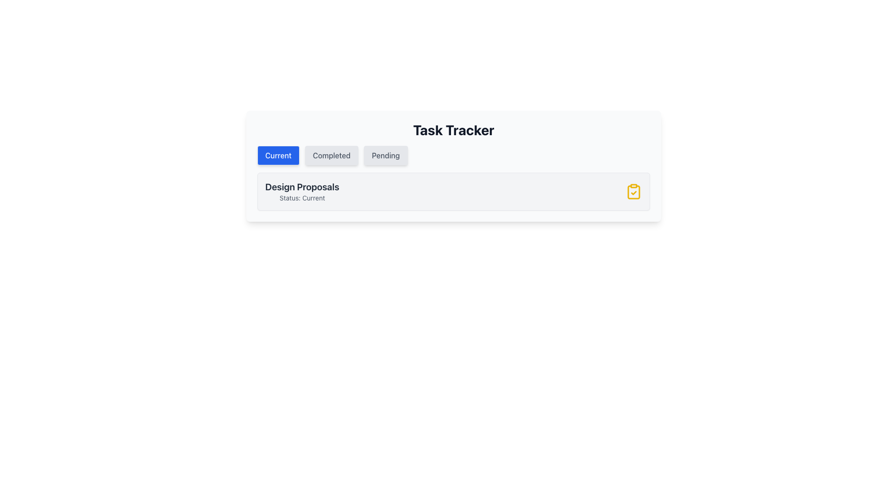 This screenshot has width=889, height=500. I want to click on the 'Completed' button in the top-left section of the interface, so click(332, 155).